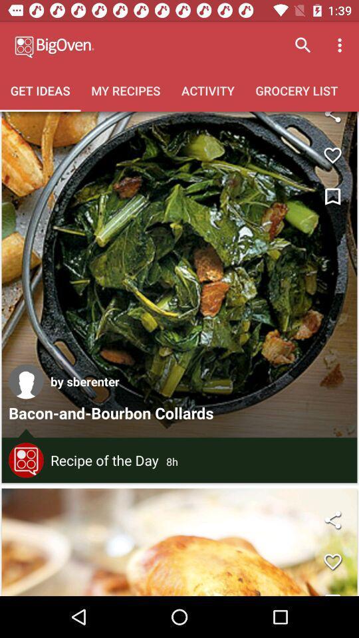 This screenshot has height=638, width=359. Describe the element at coordinates (26, 381) in the screenshot. I see `user profile picture icon` at that location.